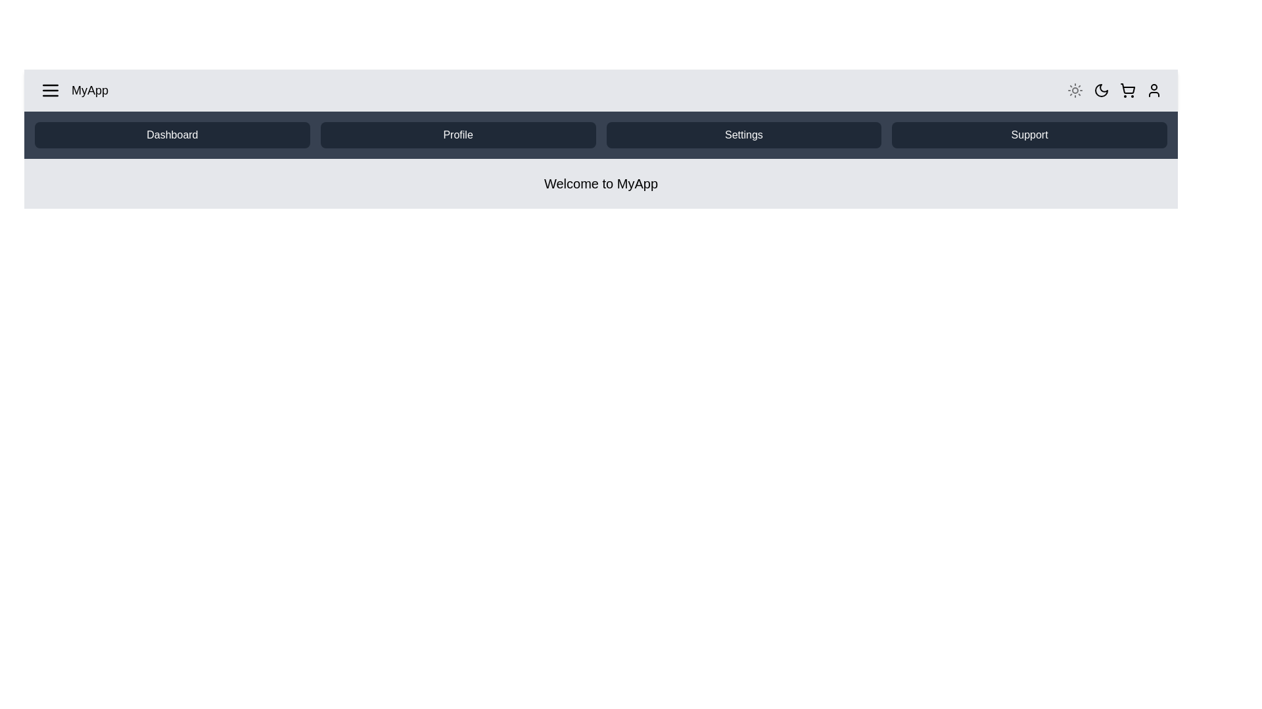  Describe the element at coordinates (743, 135) in the screenshot. I see `the Settings button in the navigation bar` at that location.